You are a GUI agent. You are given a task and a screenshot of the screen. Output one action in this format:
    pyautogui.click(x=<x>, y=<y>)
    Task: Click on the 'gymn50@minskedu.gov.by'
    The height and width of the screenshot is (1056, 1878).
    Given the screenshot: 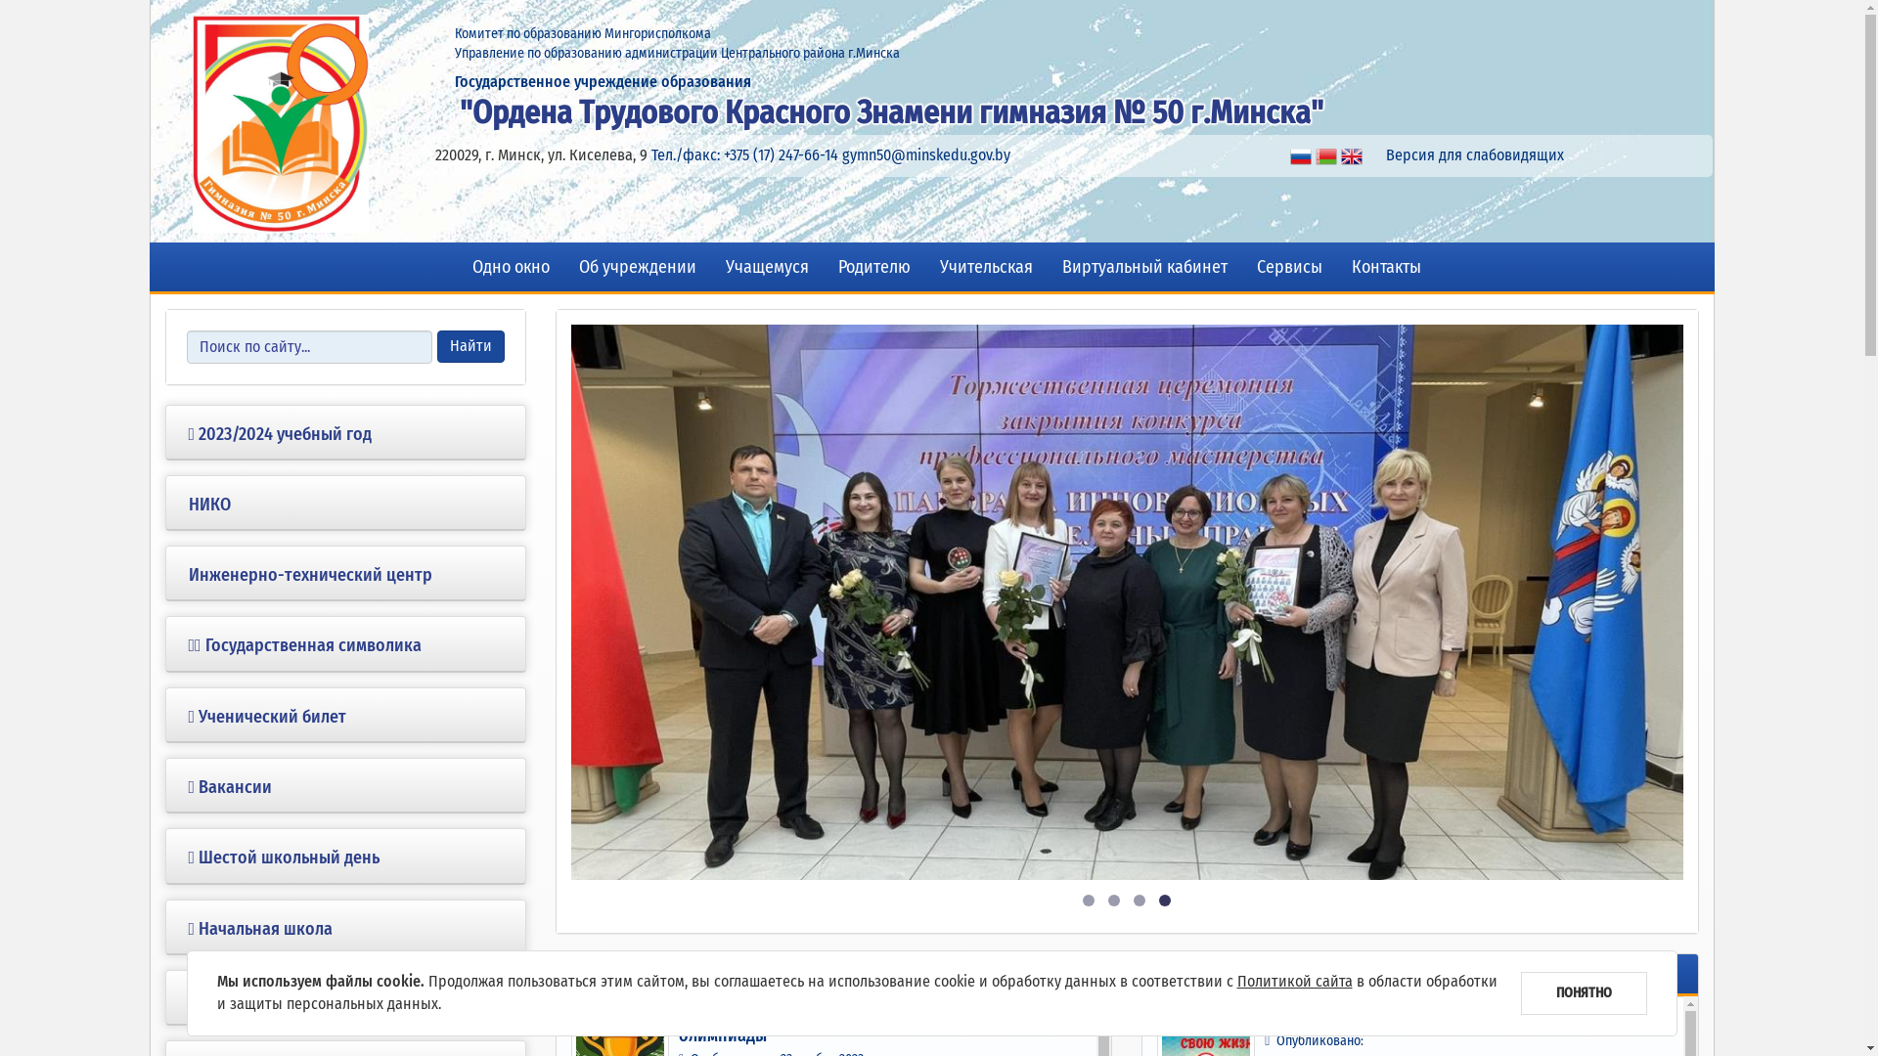 What is the action you would take?
    pyautogui.click(x=924, y=154)
    